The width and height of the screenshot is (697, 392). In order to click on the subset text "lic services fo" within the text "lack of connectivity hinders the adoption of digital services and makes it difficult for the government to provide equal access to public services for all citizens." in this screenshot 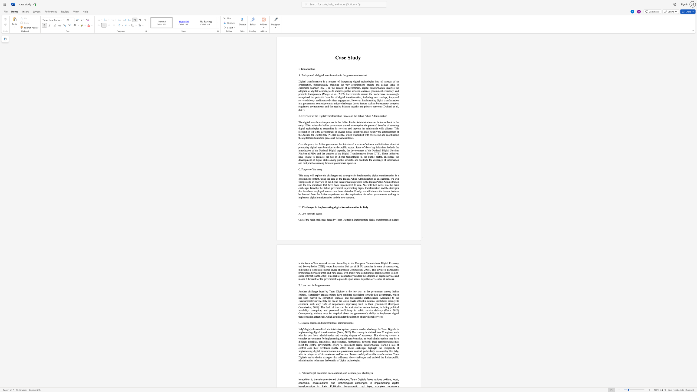, I will do `click(367, 279)`.